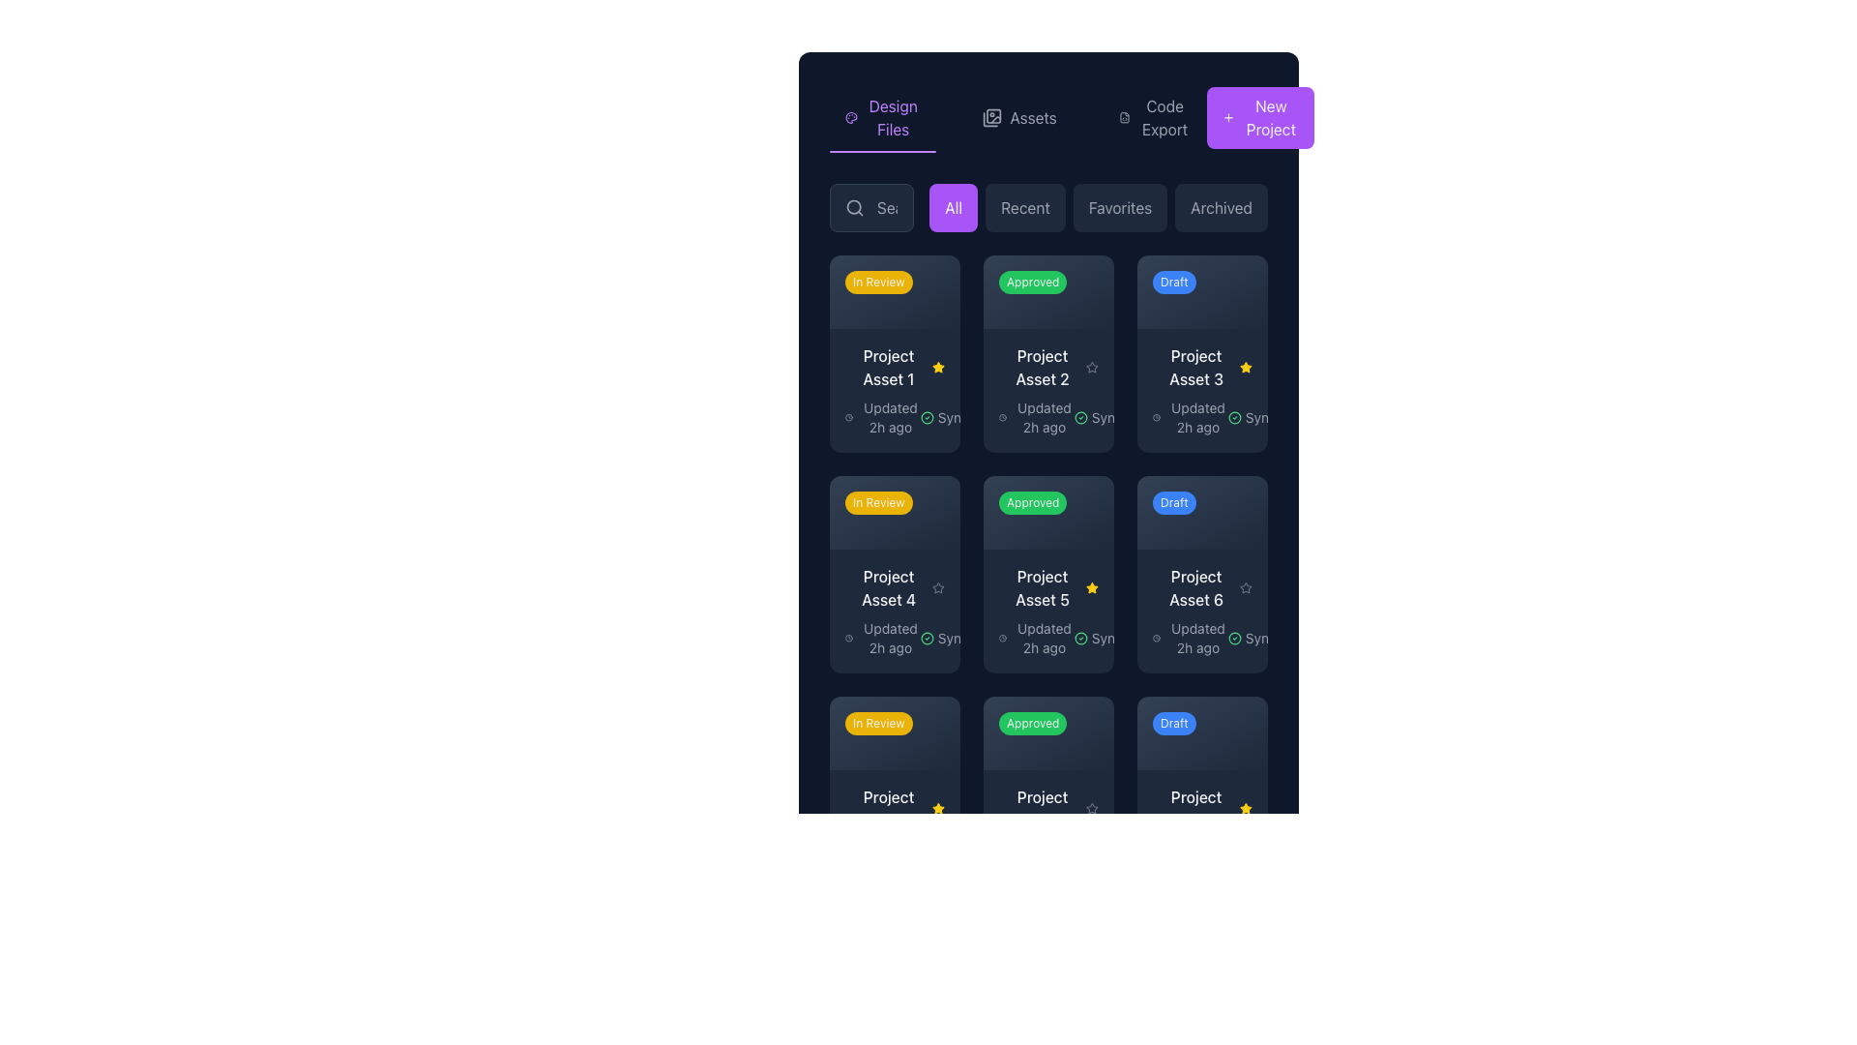 This screenshot has width=1857, height=1045. What do you see at coordinates (1047, 586) in the screenshot?
I see `the text label 'Project Asset 5' with a yellow star icon to bring up options` at bounding box center [1047, 586].